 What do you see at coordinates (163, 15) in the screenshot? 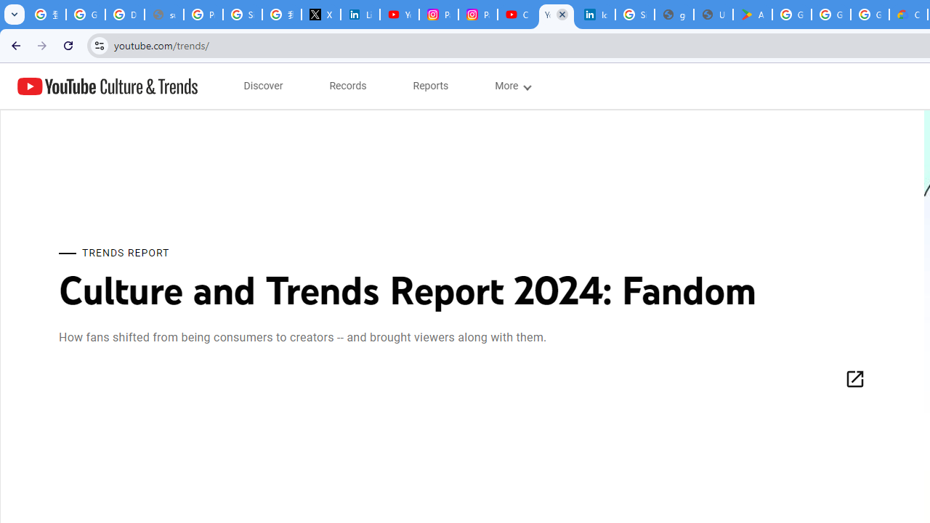
I see `'support.google.com - Network error'` at bounding box center [163, 15].